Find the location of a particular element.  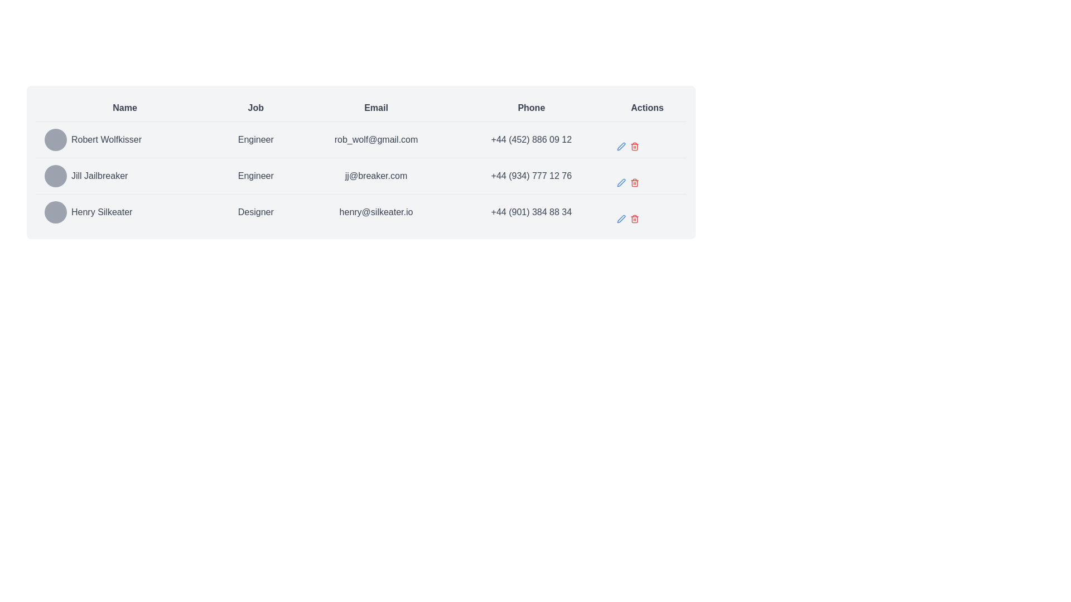

the third row displaying user information for 'Henry Silkeater', which includes a gray avatar, name, role, email, and phone number is located at coordinates (361, 212).